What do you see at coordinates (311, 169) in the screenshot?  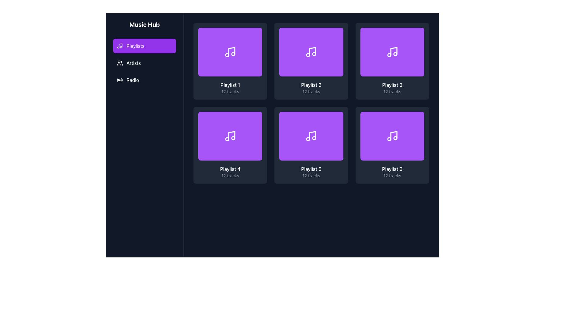 I see `the text label displaying 'Playlist 5' which is located in the second row and third column of the grid layout` at bounding box center [311, 169].